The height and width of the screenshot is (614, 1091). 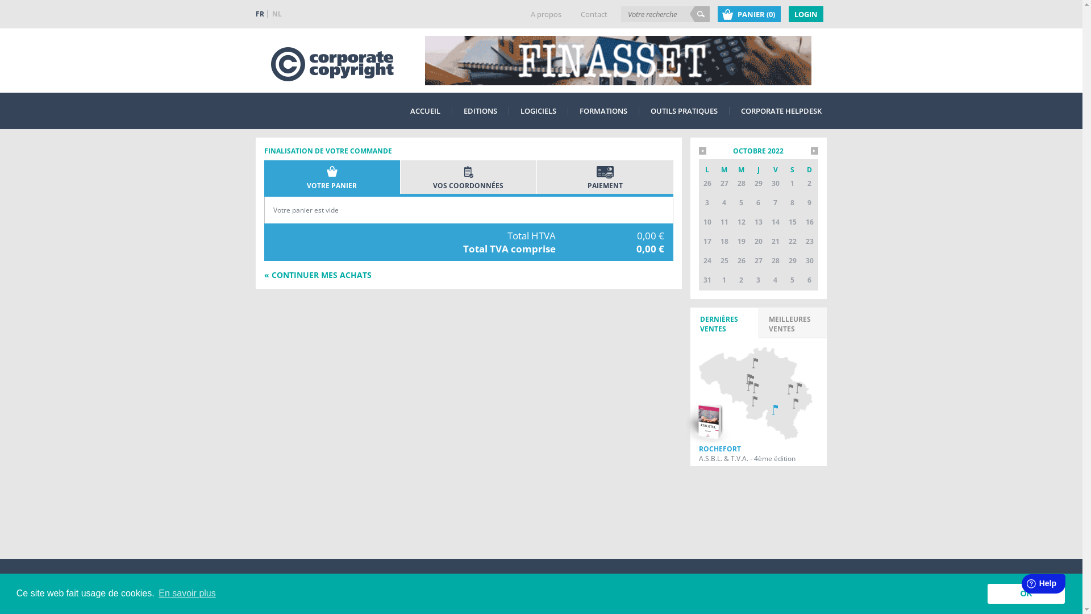 I want to click on 'NOTRE ENTREPRISE', so click(x=286, y=585).